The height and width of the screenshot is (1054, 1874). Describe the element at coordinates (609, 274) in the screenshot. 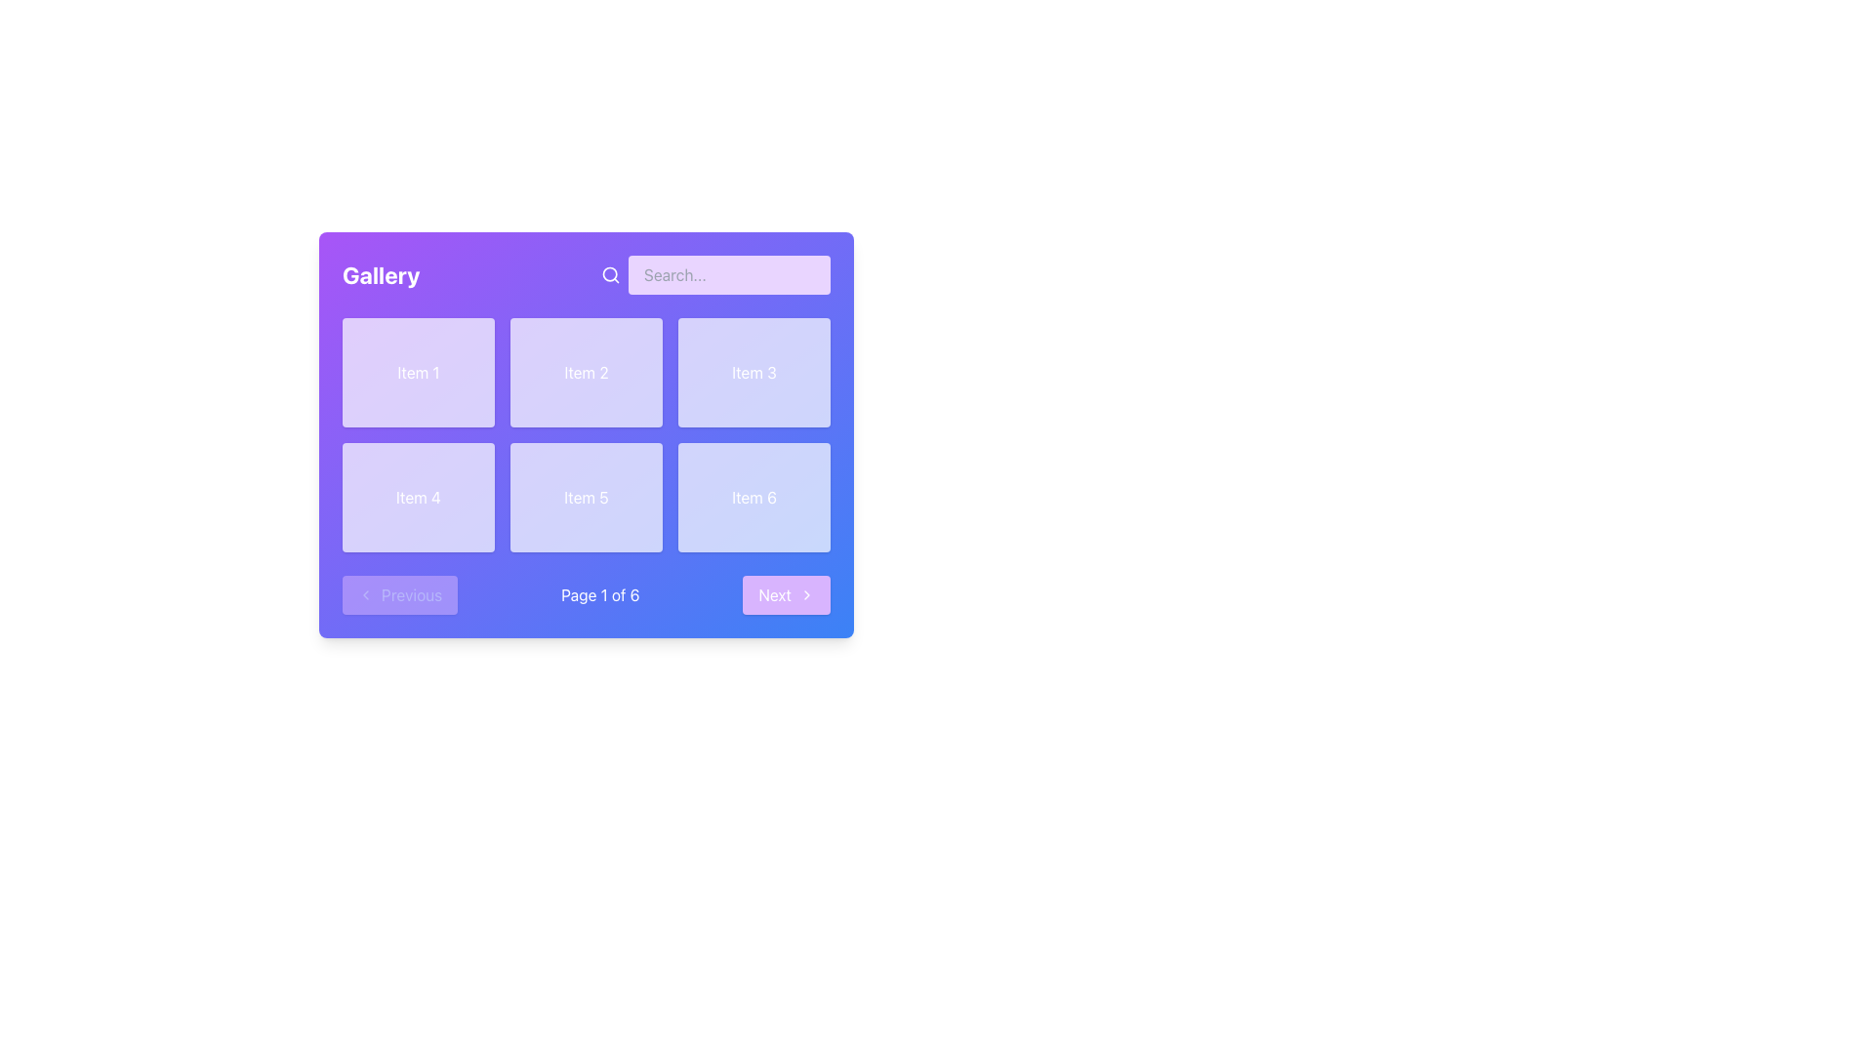

I see `the search icon located to the left of the search bar in the Gallery section` at that location.